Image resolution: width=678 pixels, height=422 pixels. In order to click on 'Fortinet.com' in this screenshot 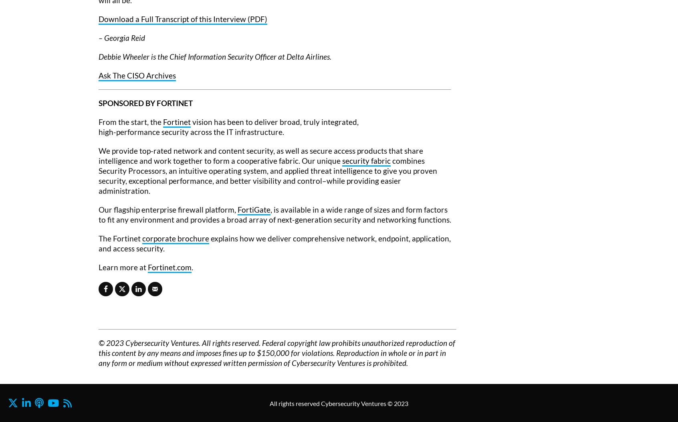, I will do `click(169, 267)`.